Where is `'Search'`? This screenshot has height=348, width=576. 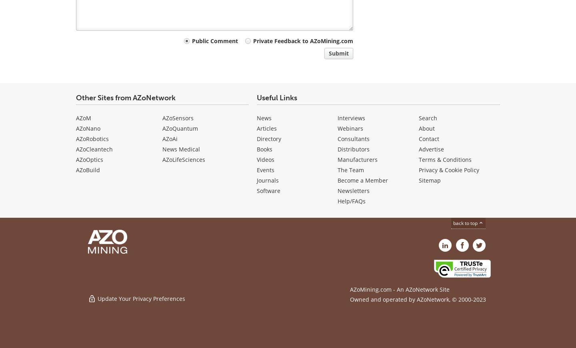 'Search' is located at coordinates (428, 117).